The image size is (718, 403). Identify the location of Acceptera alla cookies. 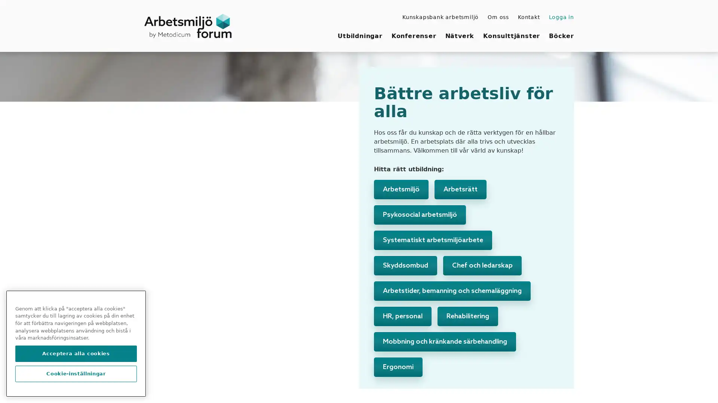
(76, 353).